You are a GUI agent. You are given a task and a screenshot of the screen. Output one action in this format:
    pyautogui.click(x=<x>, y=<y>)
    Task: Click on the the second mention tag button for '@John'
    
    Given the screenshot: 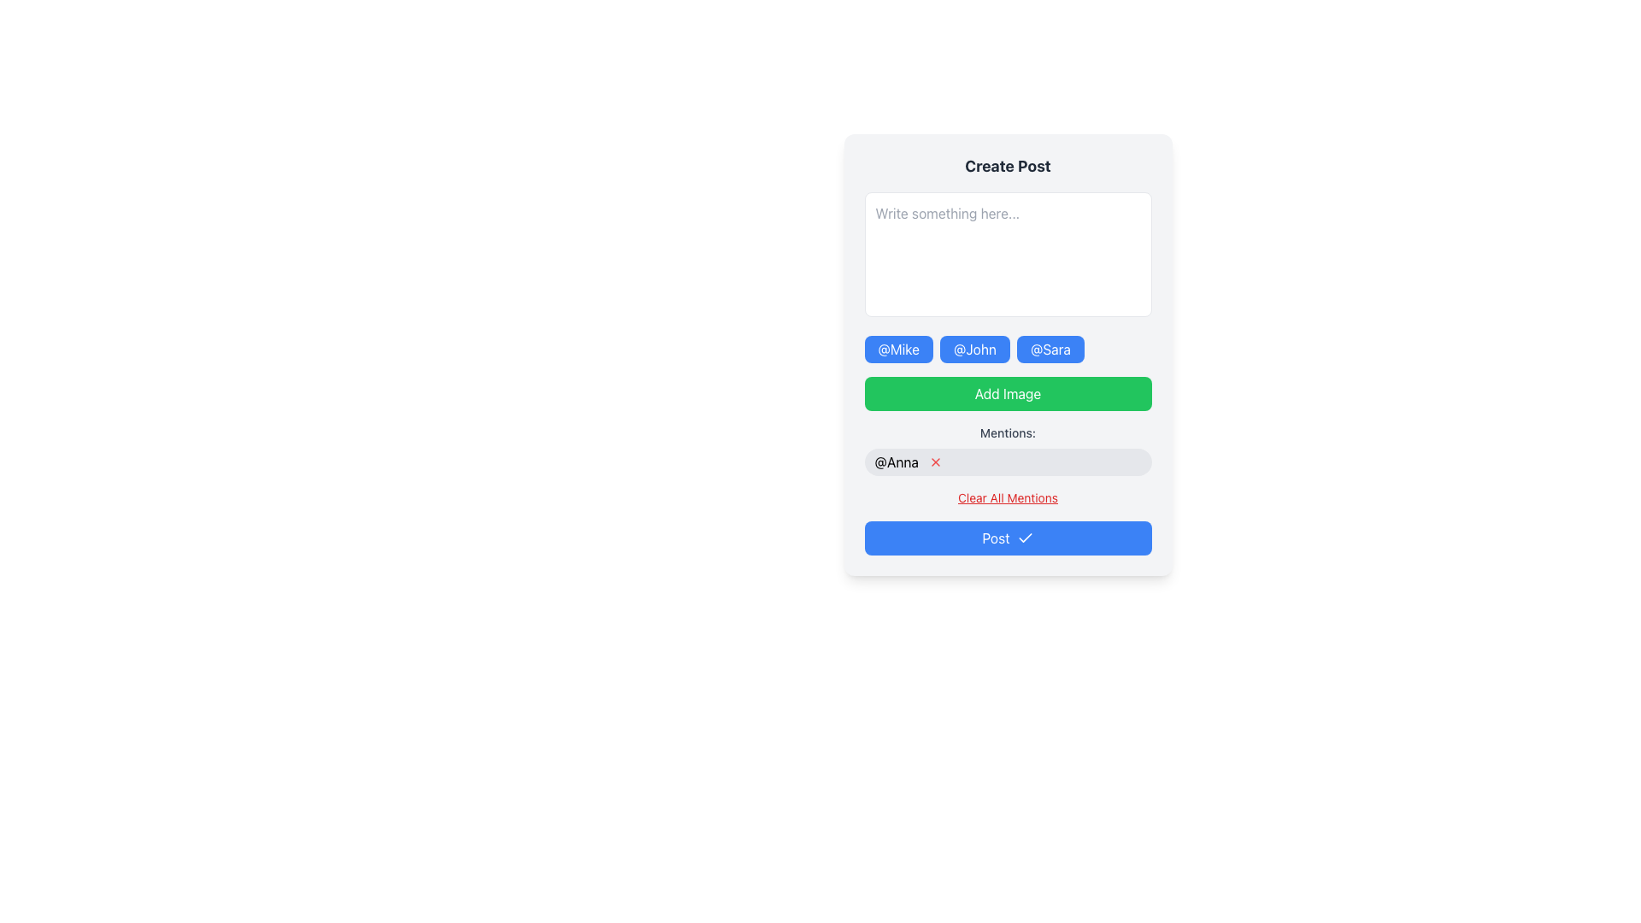 What is the action you would take?
    pyautogui.click(x=975, y=348)
    